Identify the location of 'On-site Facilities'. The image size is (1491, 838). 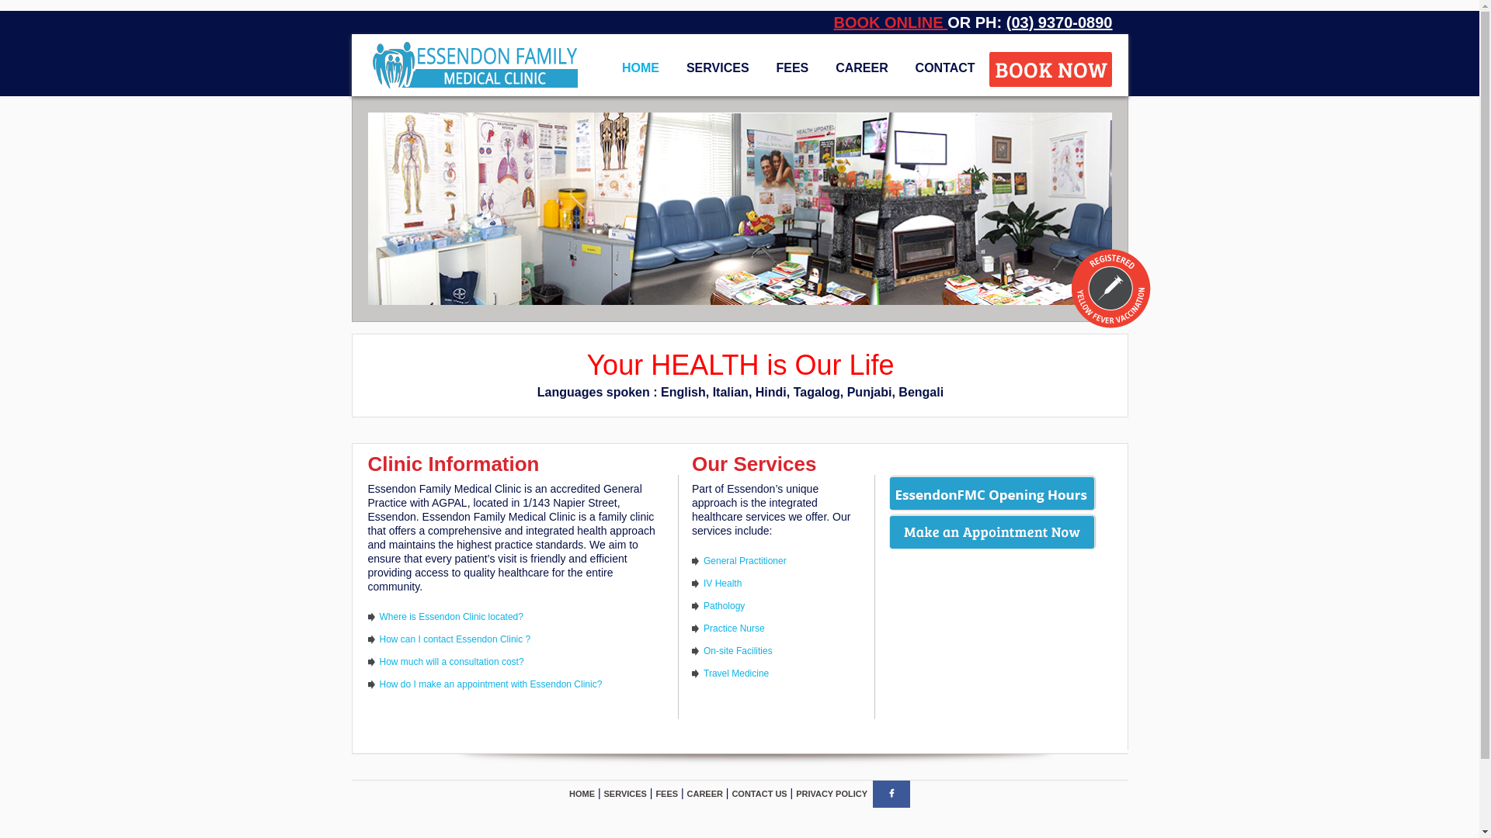
(737, 651).